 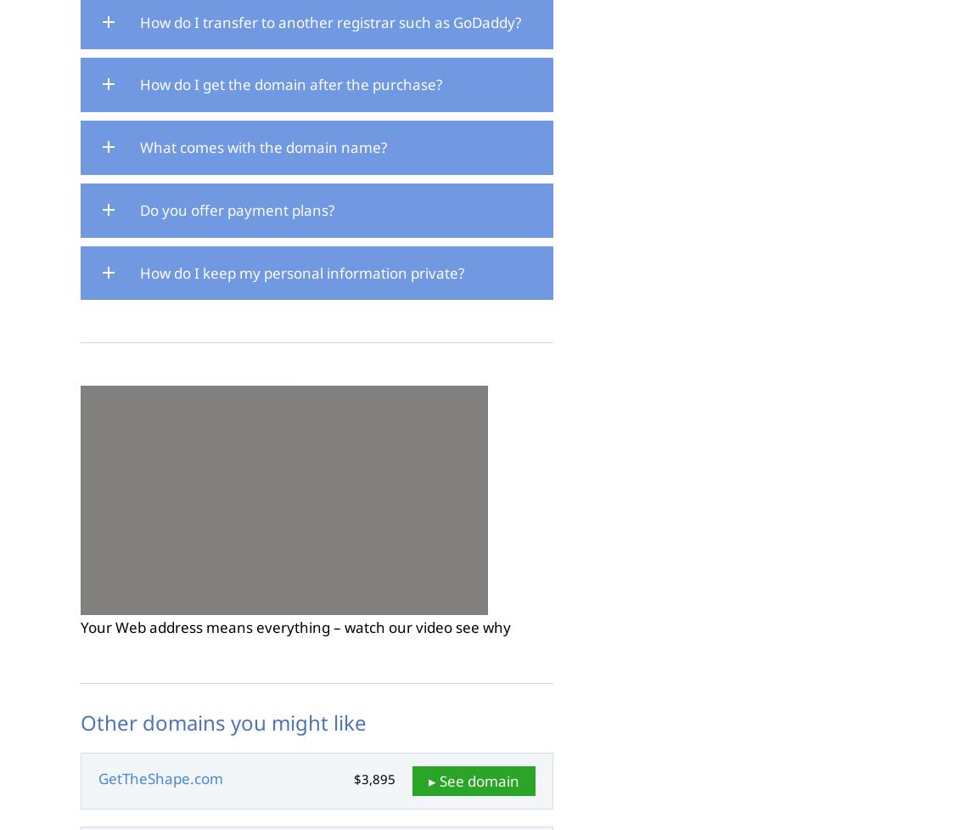 What do you see at coordinates (263, 146) in the screenshot?
I see `'What comes with the domain name?'` at bounding box center [263, 146].